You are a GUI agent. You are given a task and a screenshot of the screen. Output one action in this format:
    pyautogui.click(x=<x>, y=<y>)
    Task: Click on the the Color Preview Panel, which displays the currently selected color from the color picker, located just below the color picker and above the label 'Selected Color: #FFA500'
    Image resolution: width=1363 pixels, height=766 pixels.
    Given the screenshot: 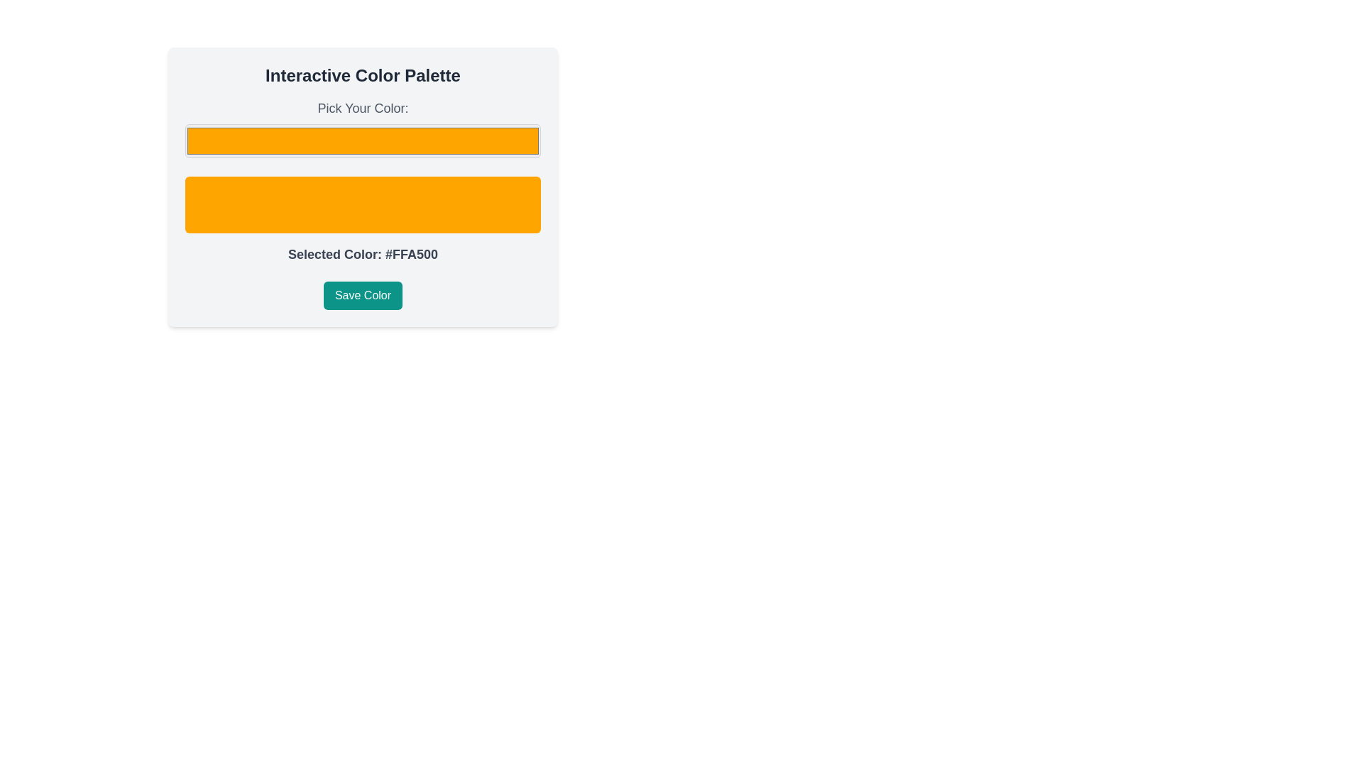 What is the action you would take?
    pyautogui.click(x=363, y=180)
    